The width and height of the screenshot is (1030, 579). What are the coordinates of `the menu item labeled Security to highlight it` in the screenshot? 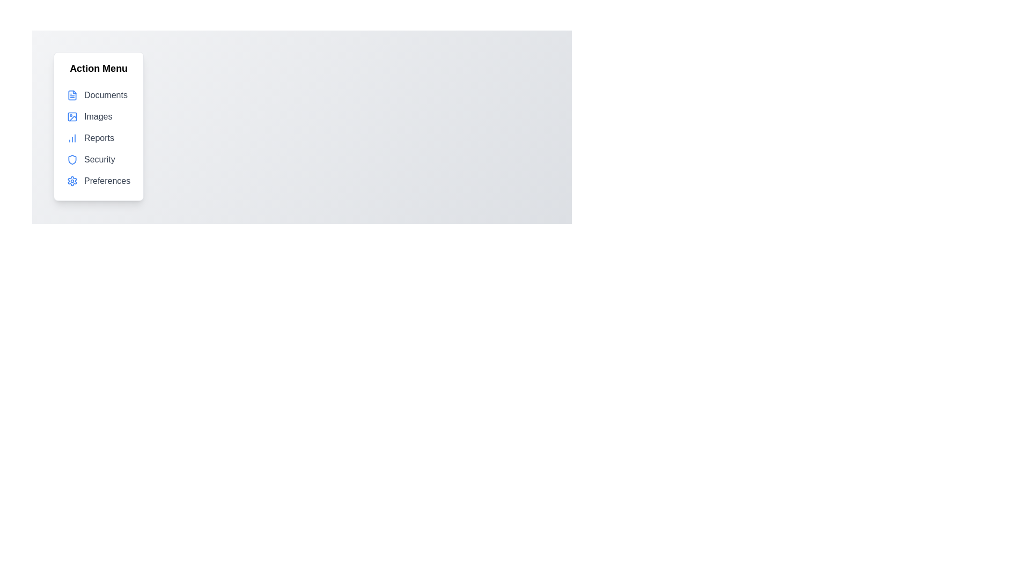 It's located at (98, 159).